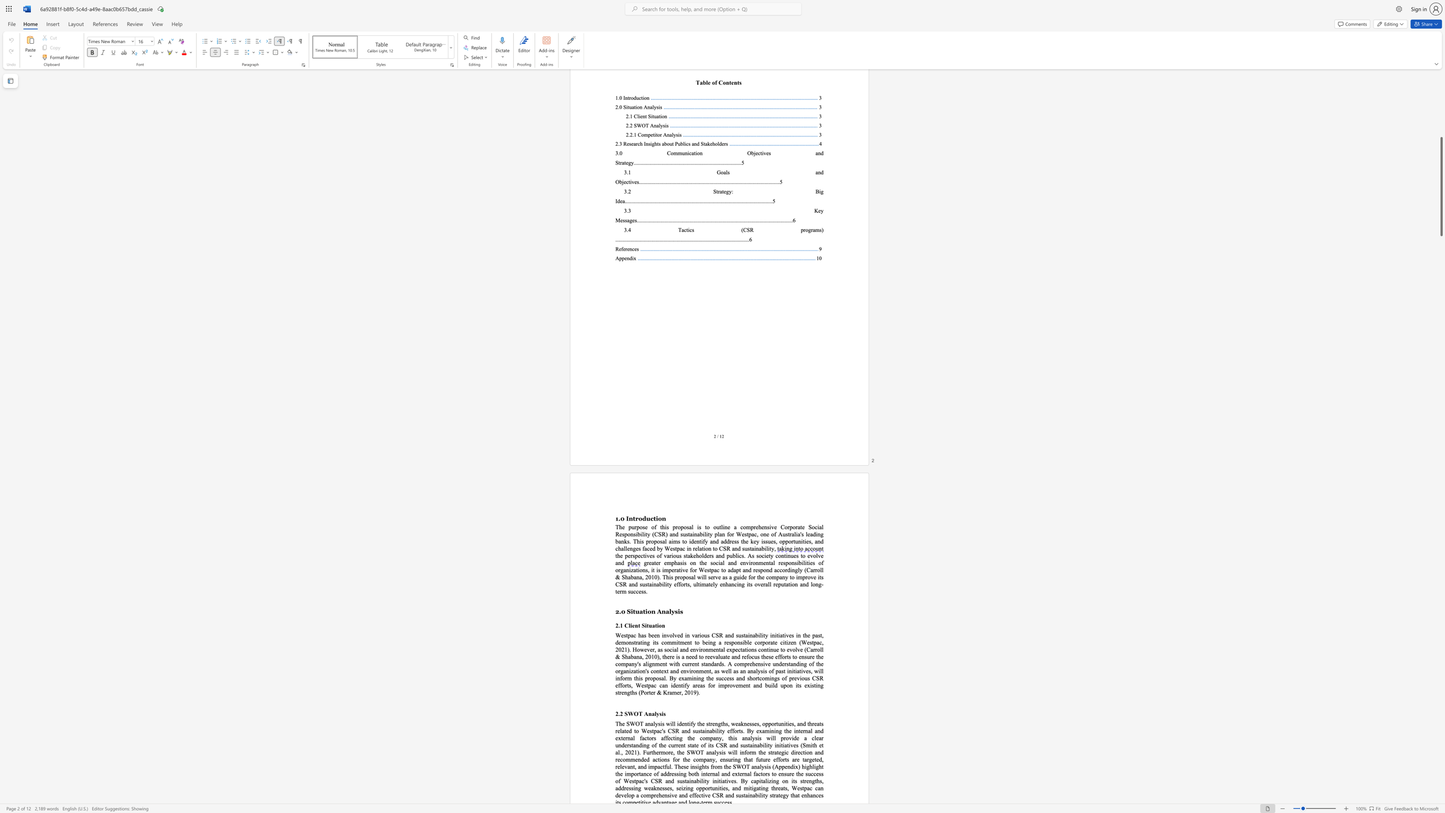  Describe the element at coordinates (643, 635) in the screenshot. I see `the subset text "s be" within the text "Westpac has been involved in various CSR and sustainability initiatives in the past,"` at that location.